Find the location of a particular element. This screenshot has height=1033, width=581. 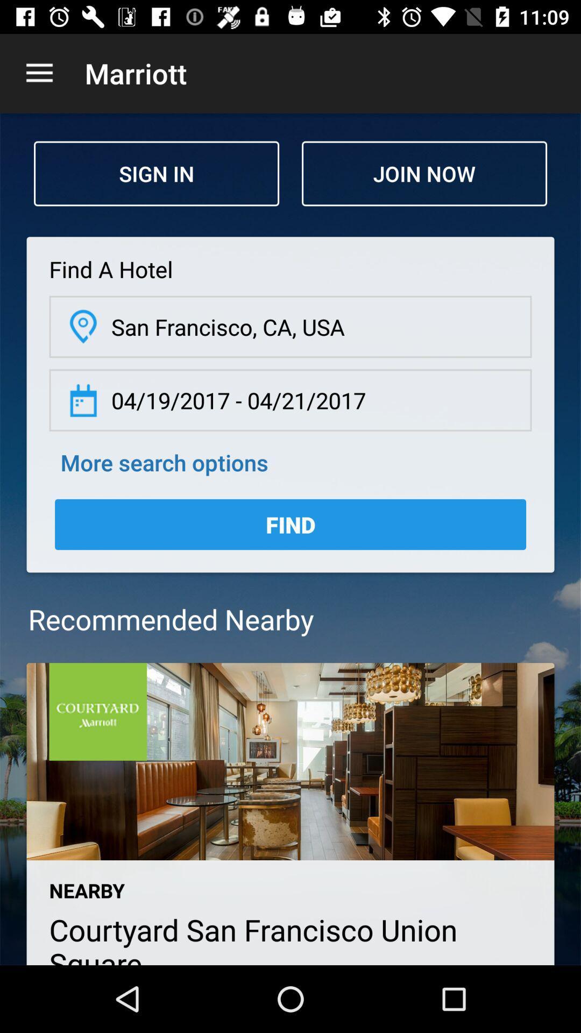

more search options item is located at coordinates (164, 462).